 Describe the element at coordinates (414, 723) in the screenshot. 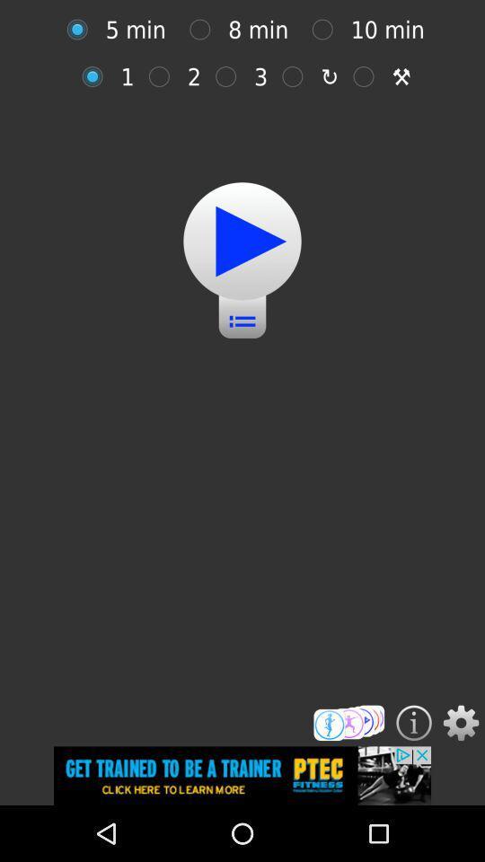

I see `get more info` at that location.